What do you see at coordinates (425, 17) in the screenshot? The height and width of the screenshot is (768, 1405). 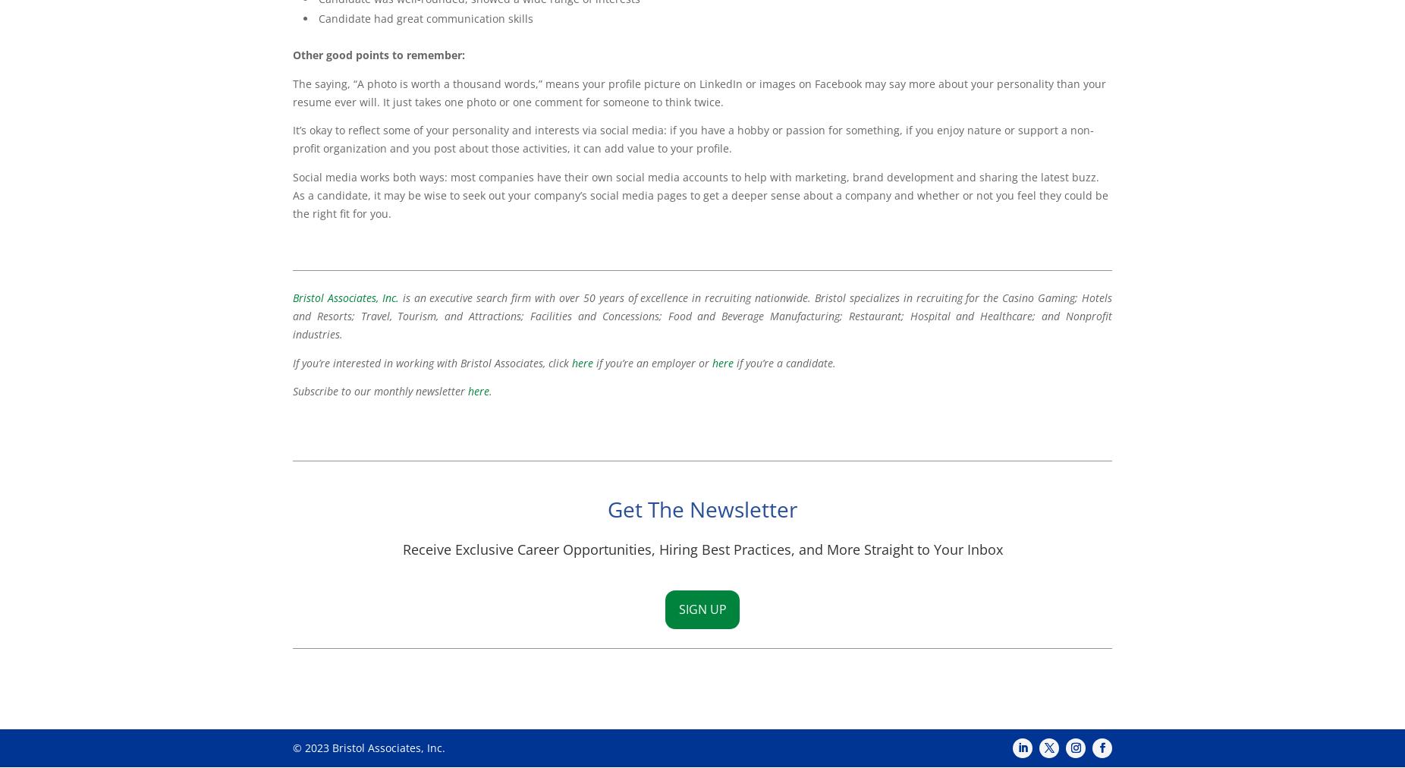 I see `'Candidate had great communication skills'` at bounding box center [425, 17].